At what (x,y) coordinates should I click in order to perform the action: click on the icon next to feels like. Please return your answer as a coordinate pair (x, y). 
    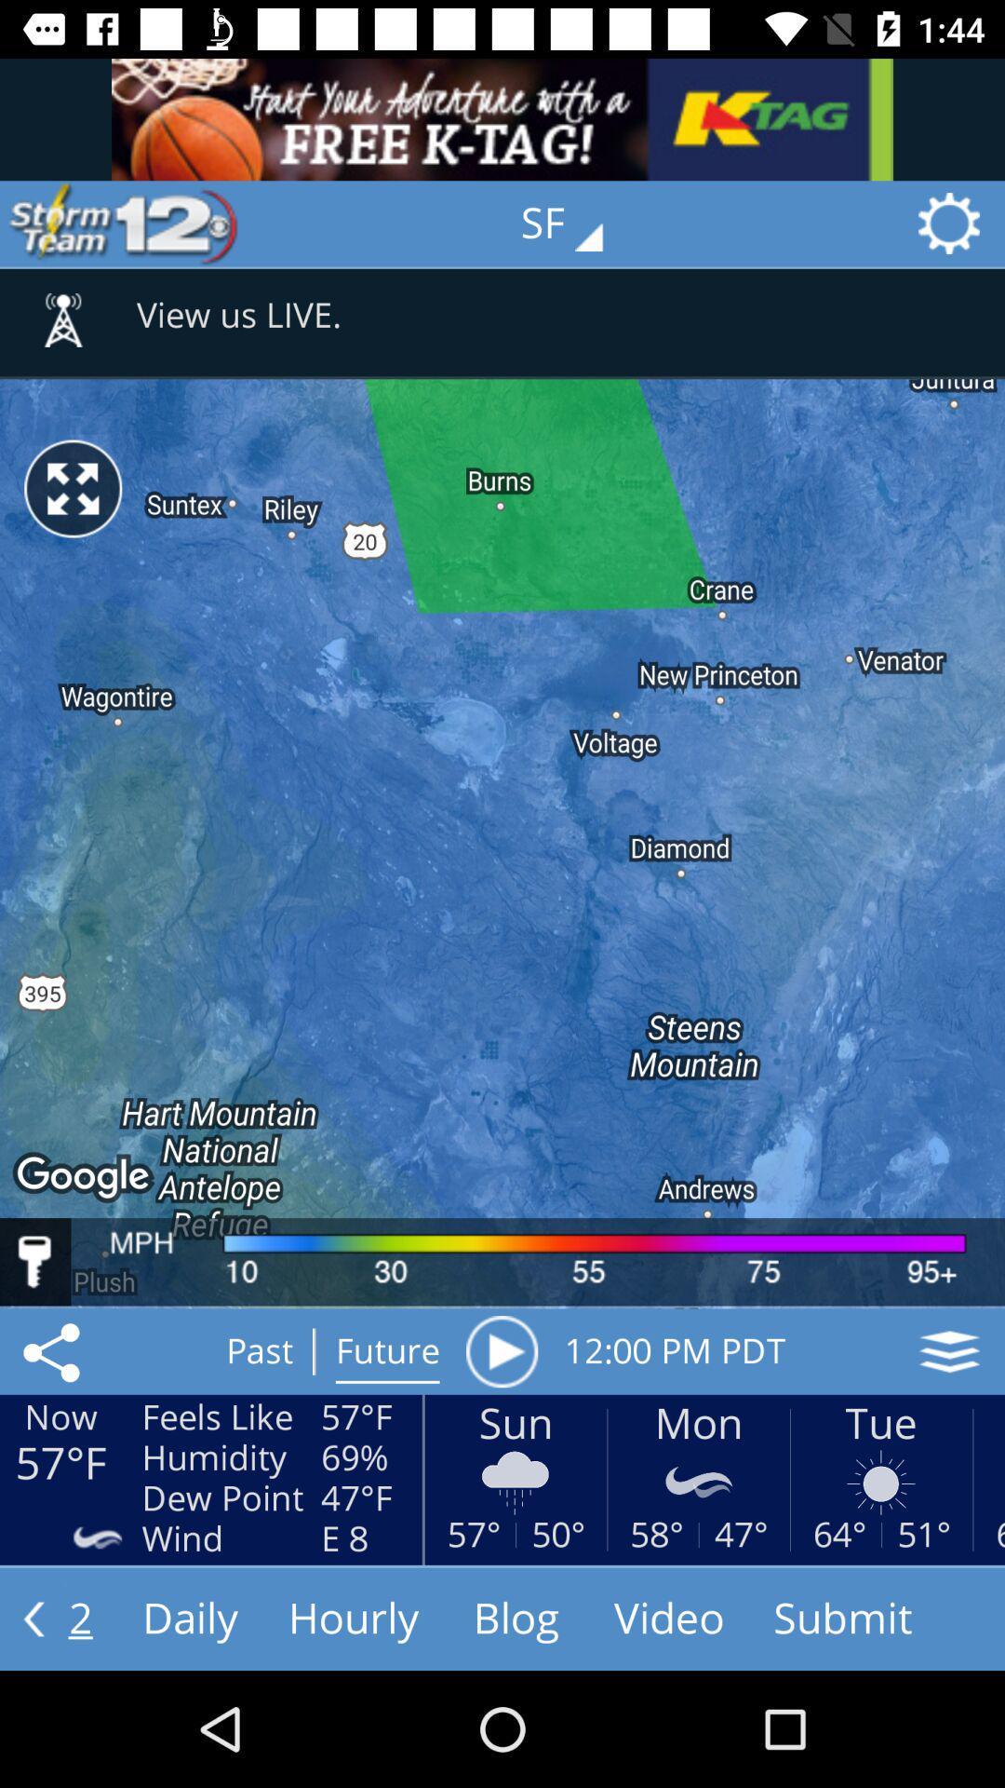
    Looking at the image, I should click on (54, 1351).